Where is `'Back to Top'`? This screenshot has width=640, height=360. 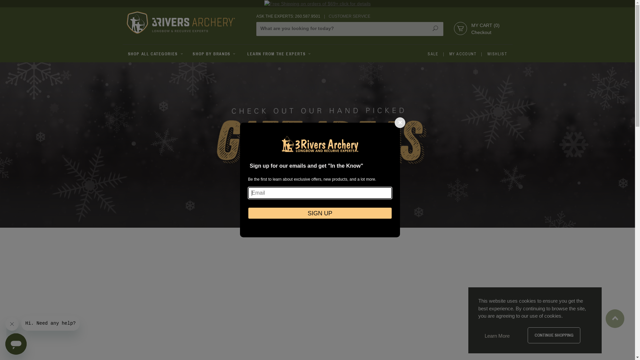
'Back to Top' is located at coordinates (615, 315).